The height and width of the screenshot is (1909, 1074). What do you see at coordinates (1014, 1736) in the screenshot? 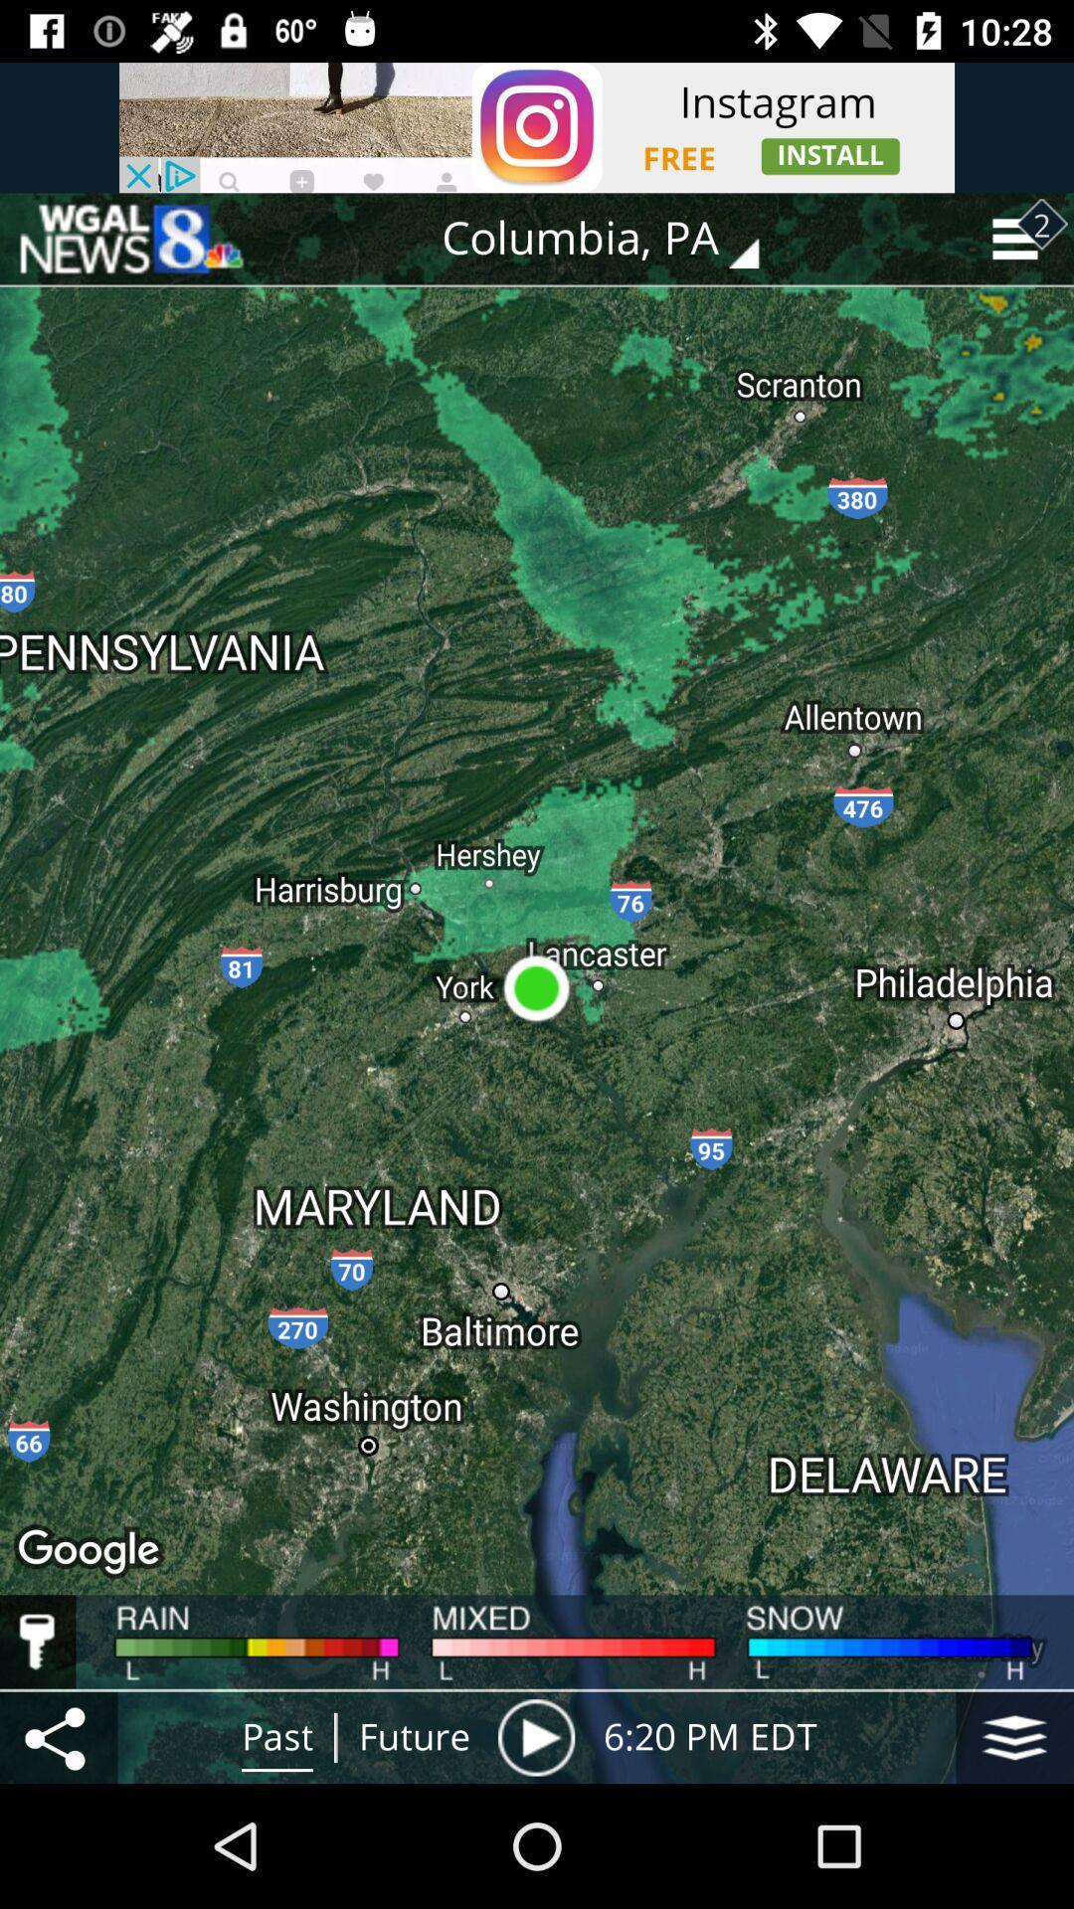
I see `change terrains` at bounding box center [1014, 1736].